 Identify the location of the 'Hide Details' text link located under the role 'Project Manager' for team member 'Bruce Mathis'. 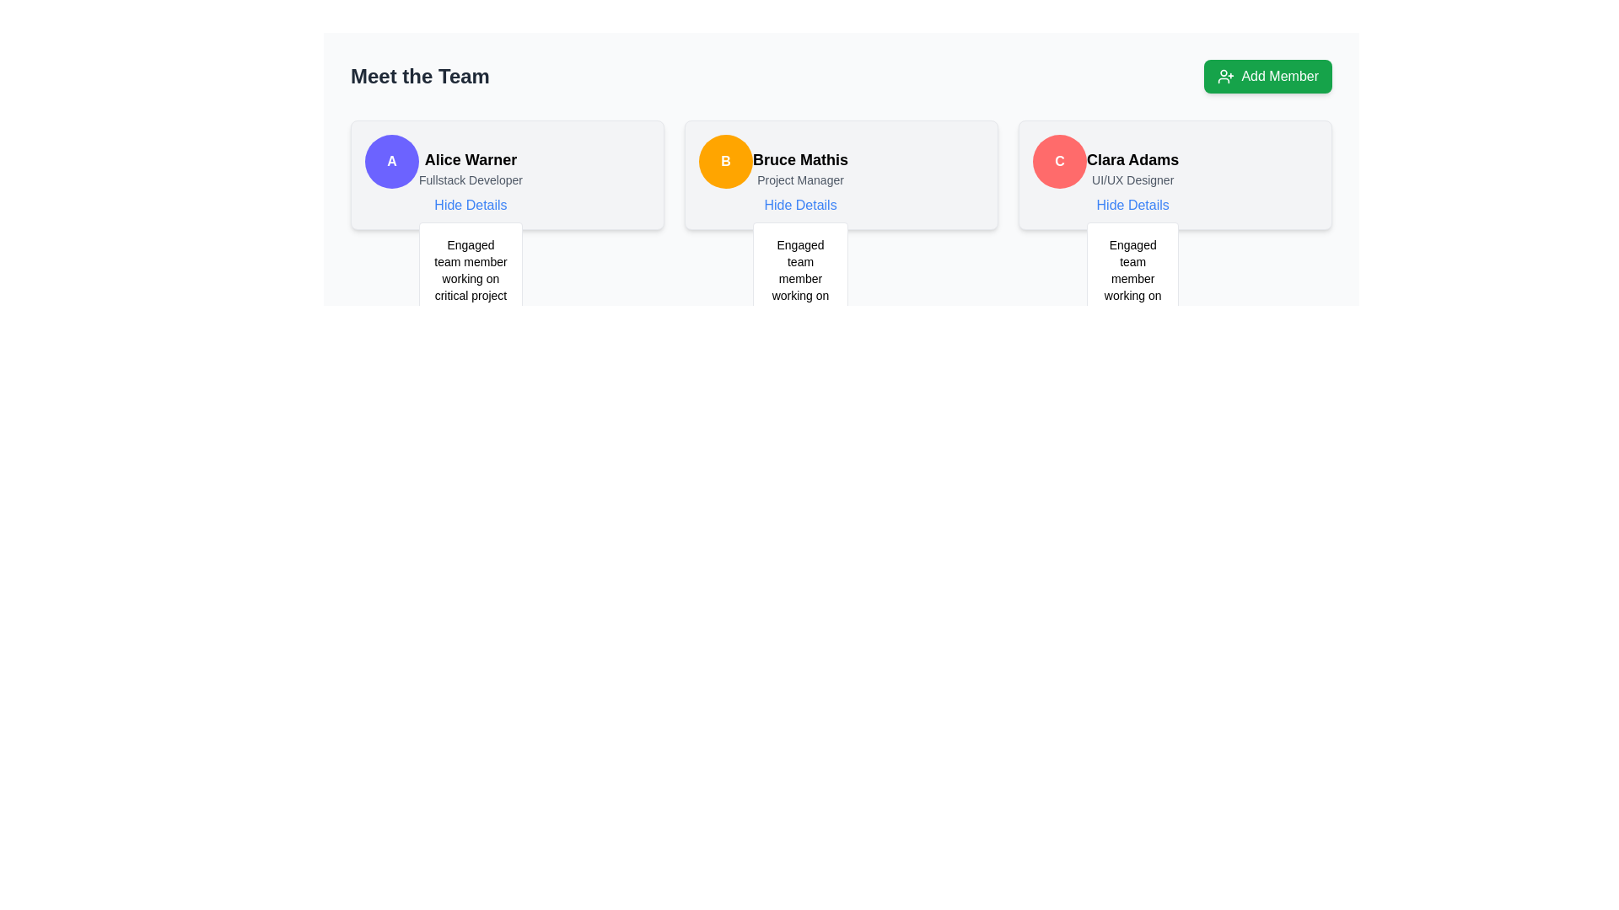
(799, 204).